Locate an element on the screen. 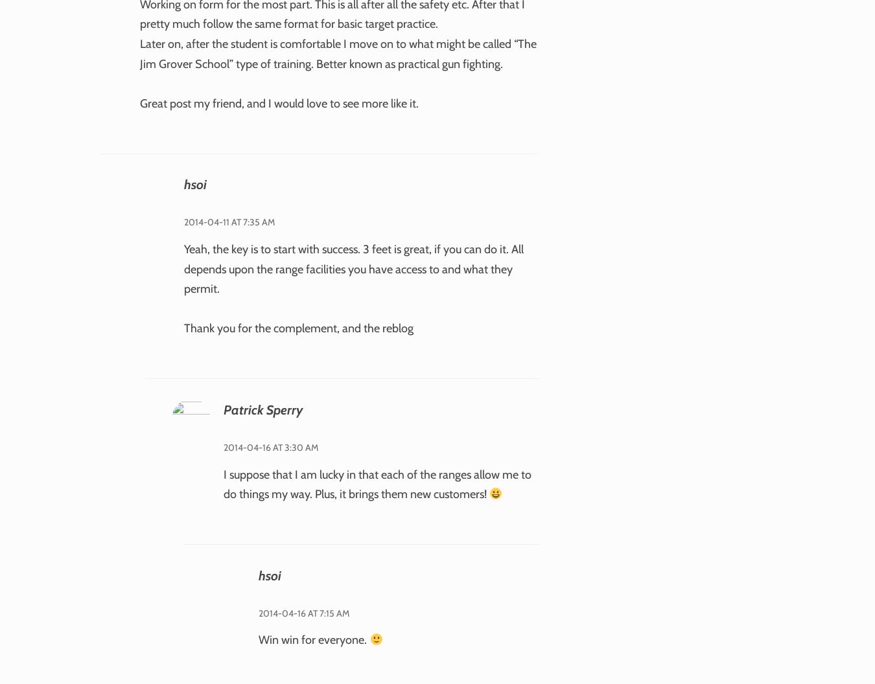 This screenshot has height=684, width=875. '2014-04-11 at 7:35 am' is located at coordinates (229, 221).